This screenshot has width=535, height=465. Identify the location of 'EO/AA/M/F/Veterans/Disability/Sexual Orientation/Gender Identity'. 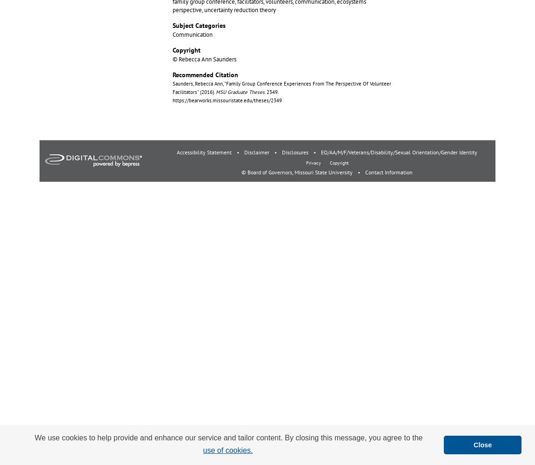
(399, 152).